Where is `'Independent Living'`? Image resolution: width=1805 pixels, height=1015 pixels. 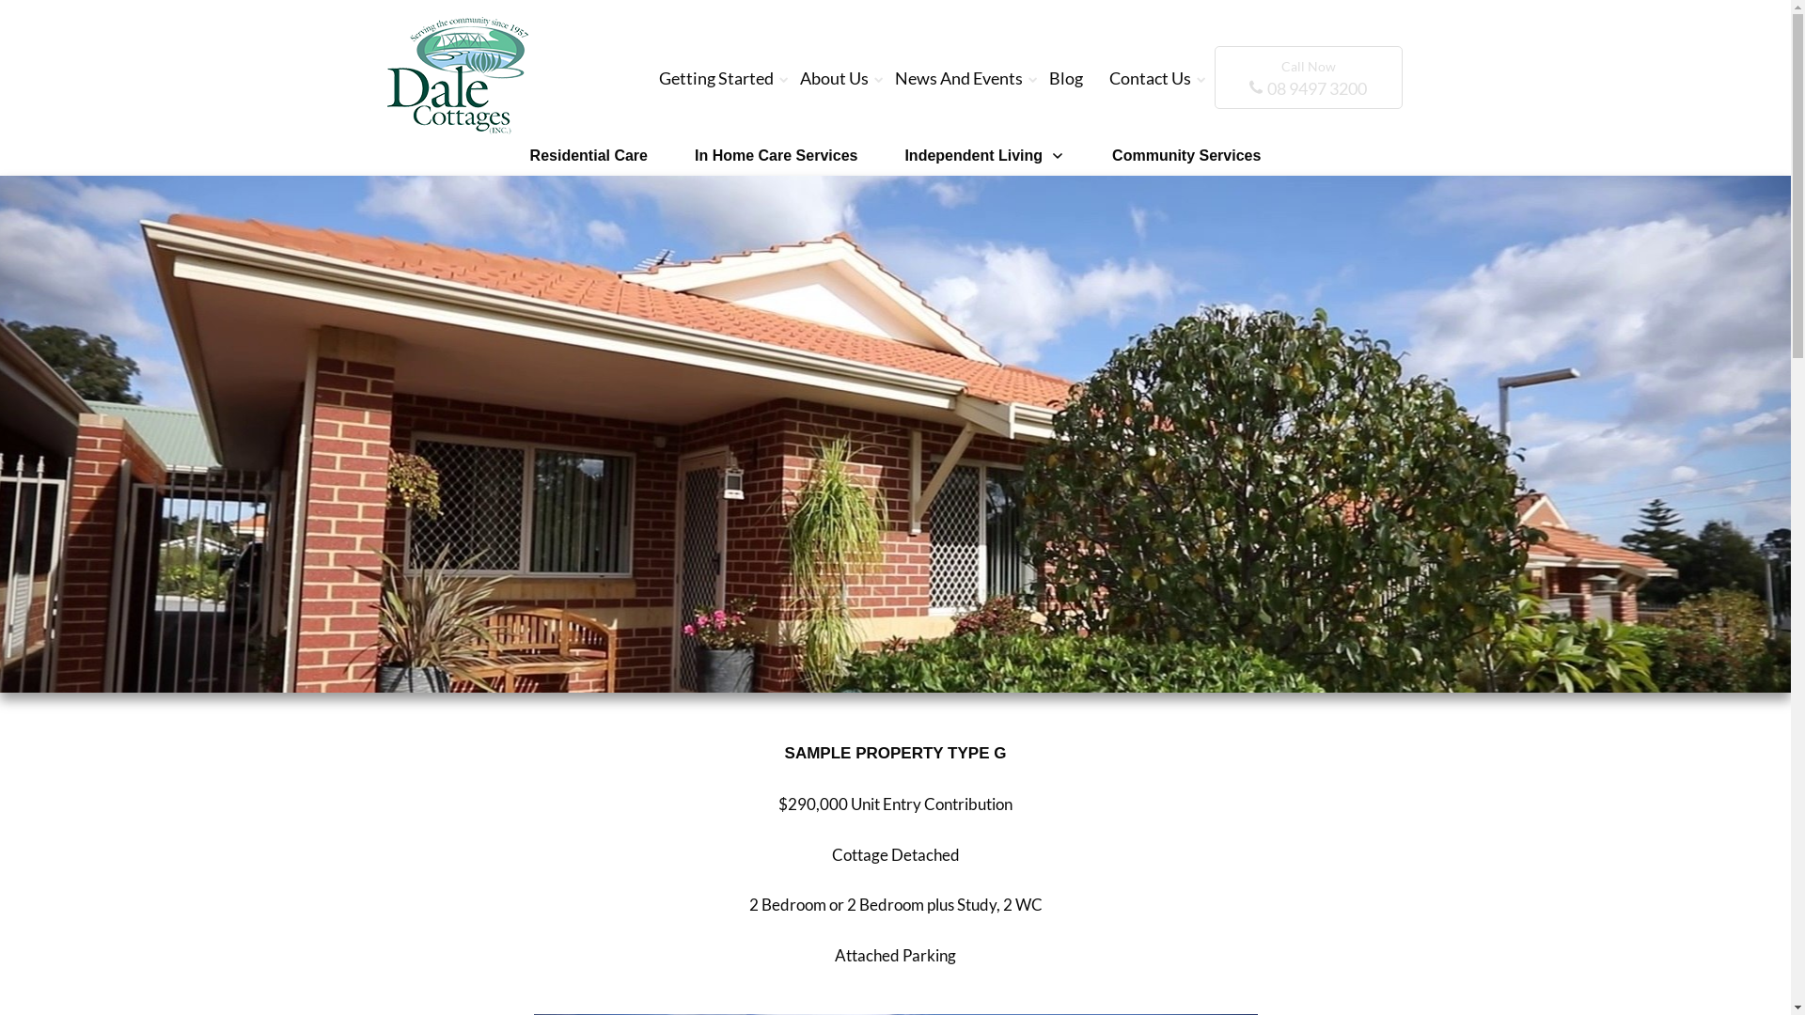
'Independent Living' is located at coordinates (983, 154).